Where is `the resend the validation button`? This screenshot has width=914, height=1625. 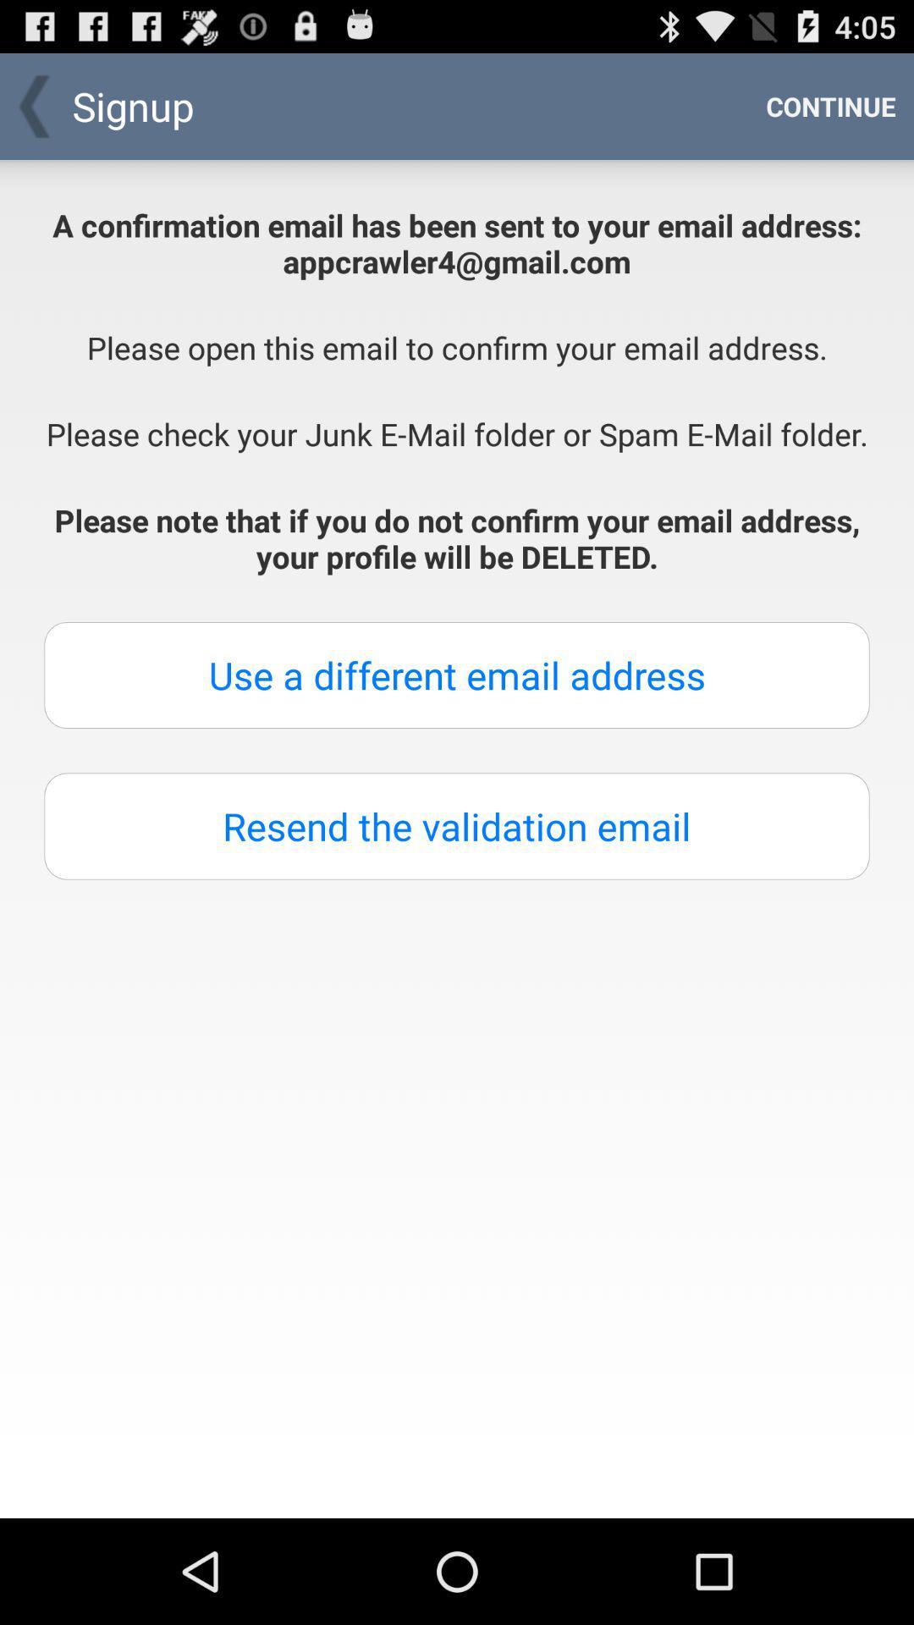 the resend the validation button is located at coordinates (457, 826).